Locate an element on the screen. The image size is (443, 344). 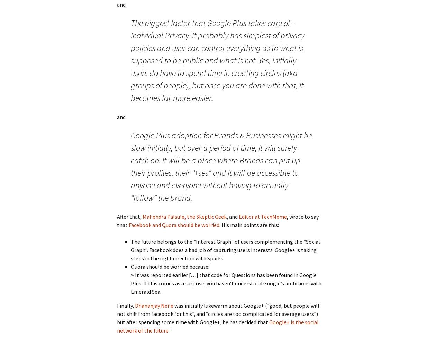
', wrote to say that' is located at coordinates (217, 220).